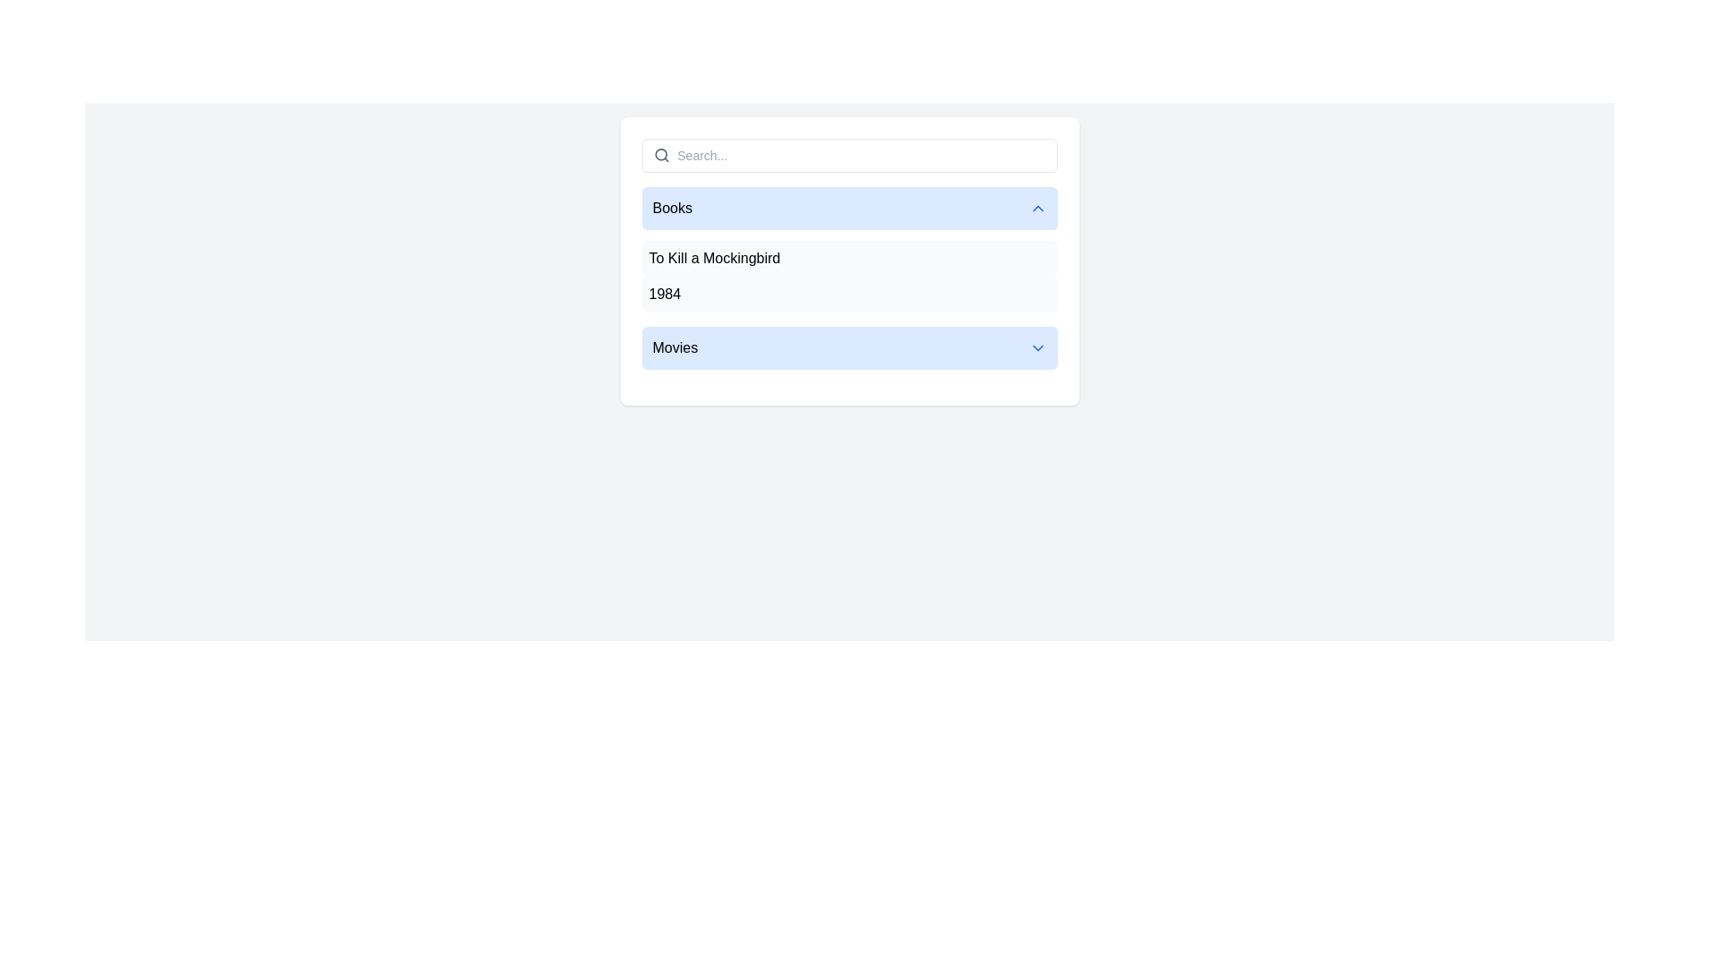  What do you see at coordinates (674, 348) in the screenshot?
I see `the text label displaying 'Movies' which is styled with black text on a light blue background, located inside the last item of a vertical list` at bounding box center [674, 348].